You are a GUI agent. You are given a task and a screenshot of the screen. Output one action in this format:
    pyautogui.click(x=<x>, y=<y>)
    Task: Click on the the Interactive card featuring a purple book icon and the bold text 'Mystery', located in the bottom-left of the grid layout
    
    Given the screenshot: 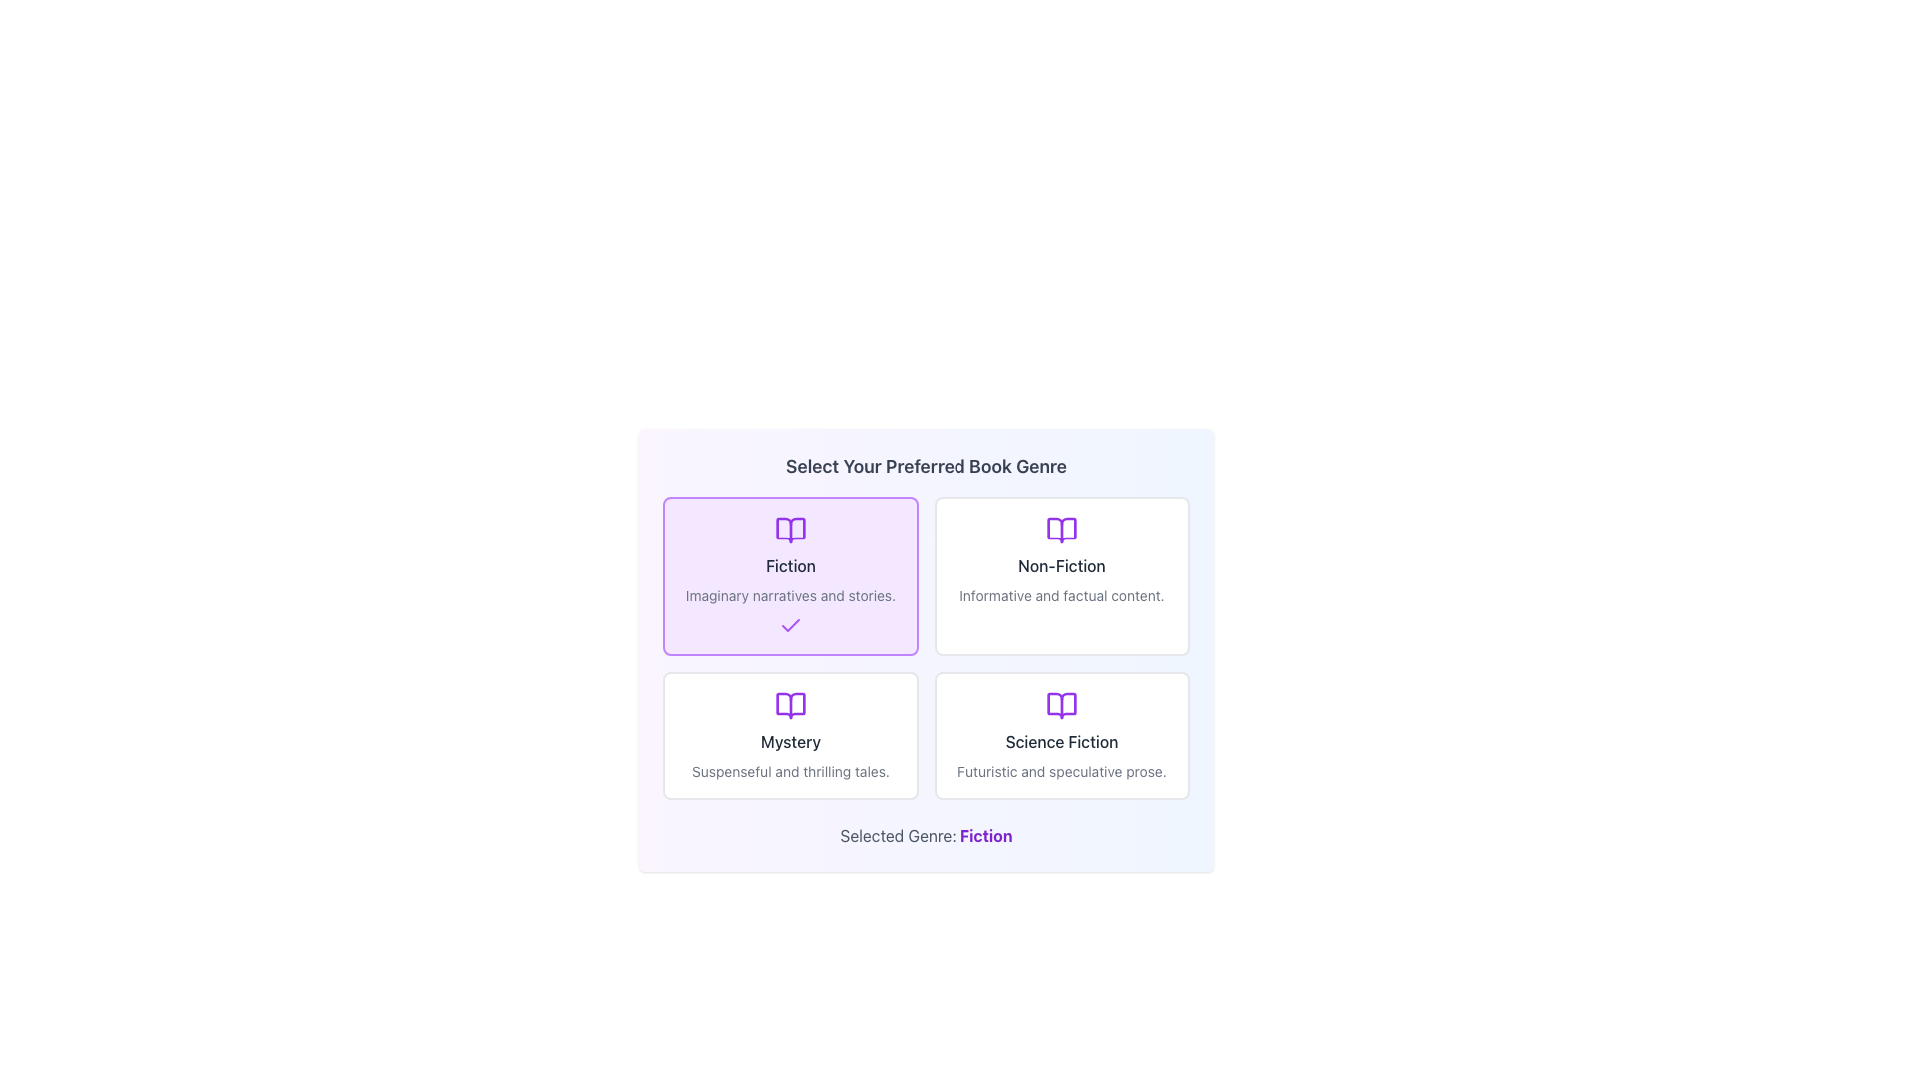 What is the action you would take?
    pyautogui.click(x=789, y=735)
    